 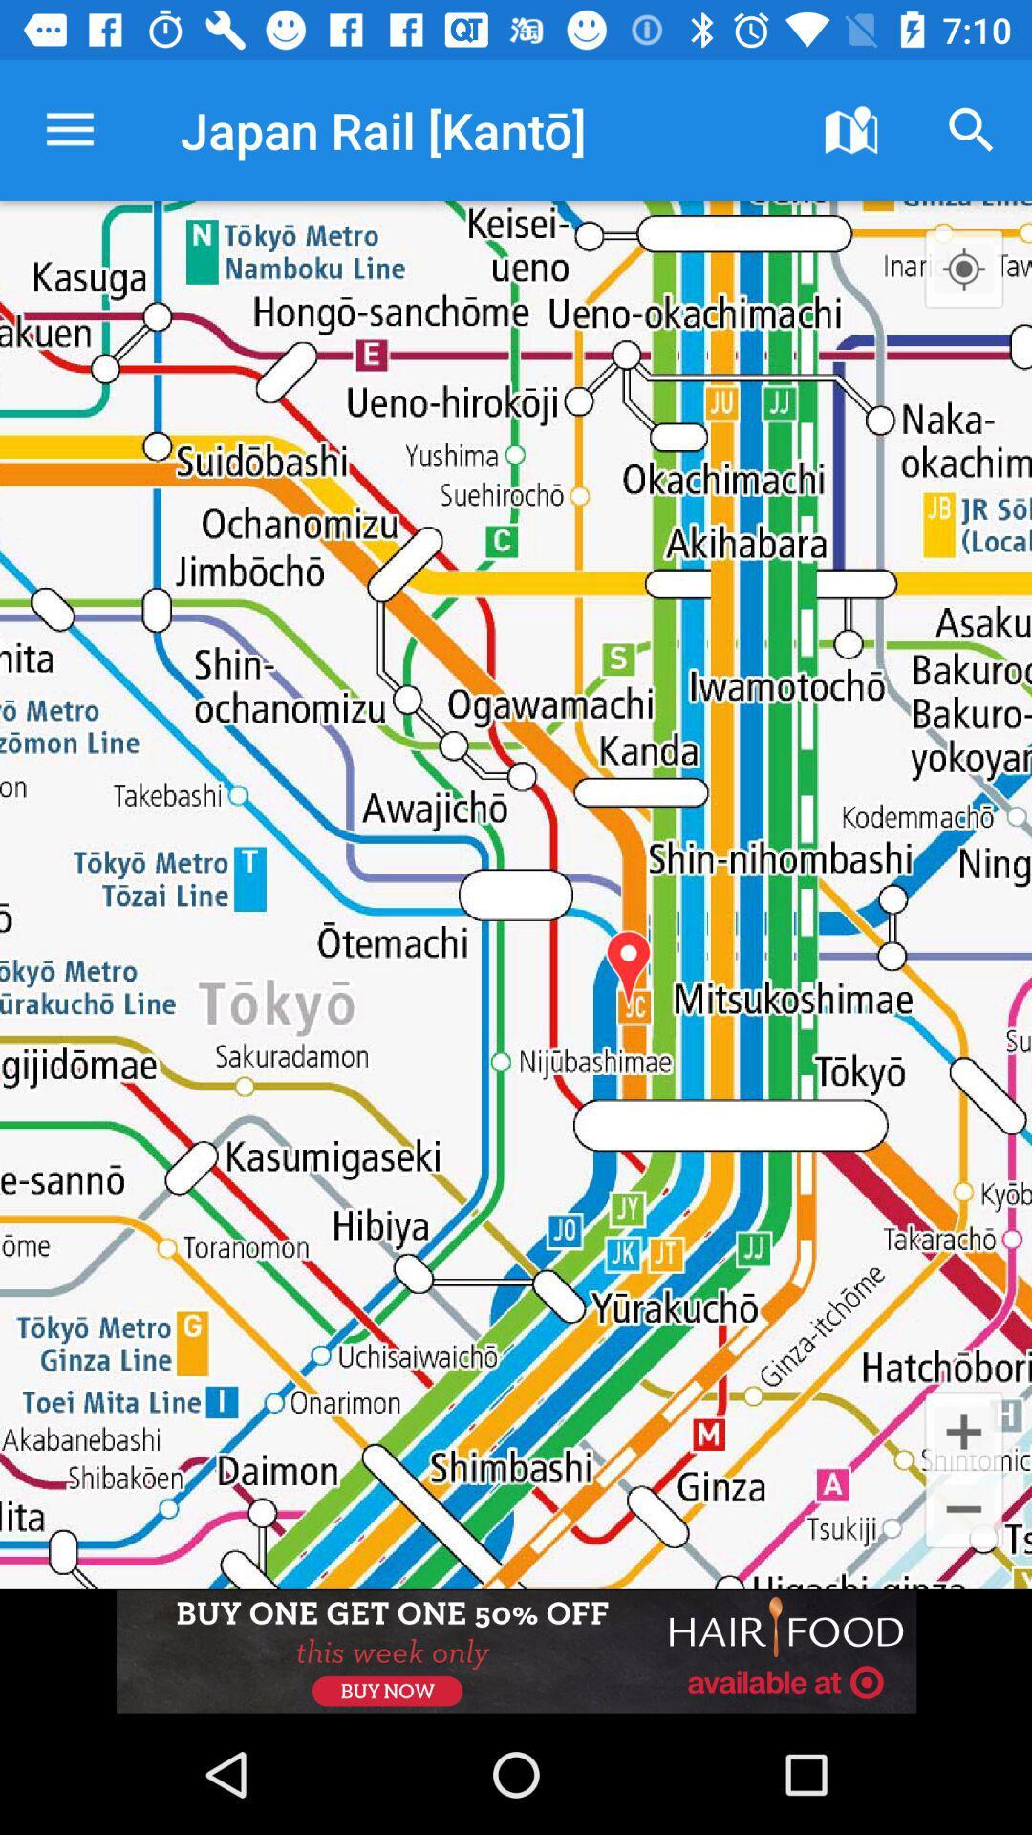 I want to click on share the article, so click(x=516, y=1651).